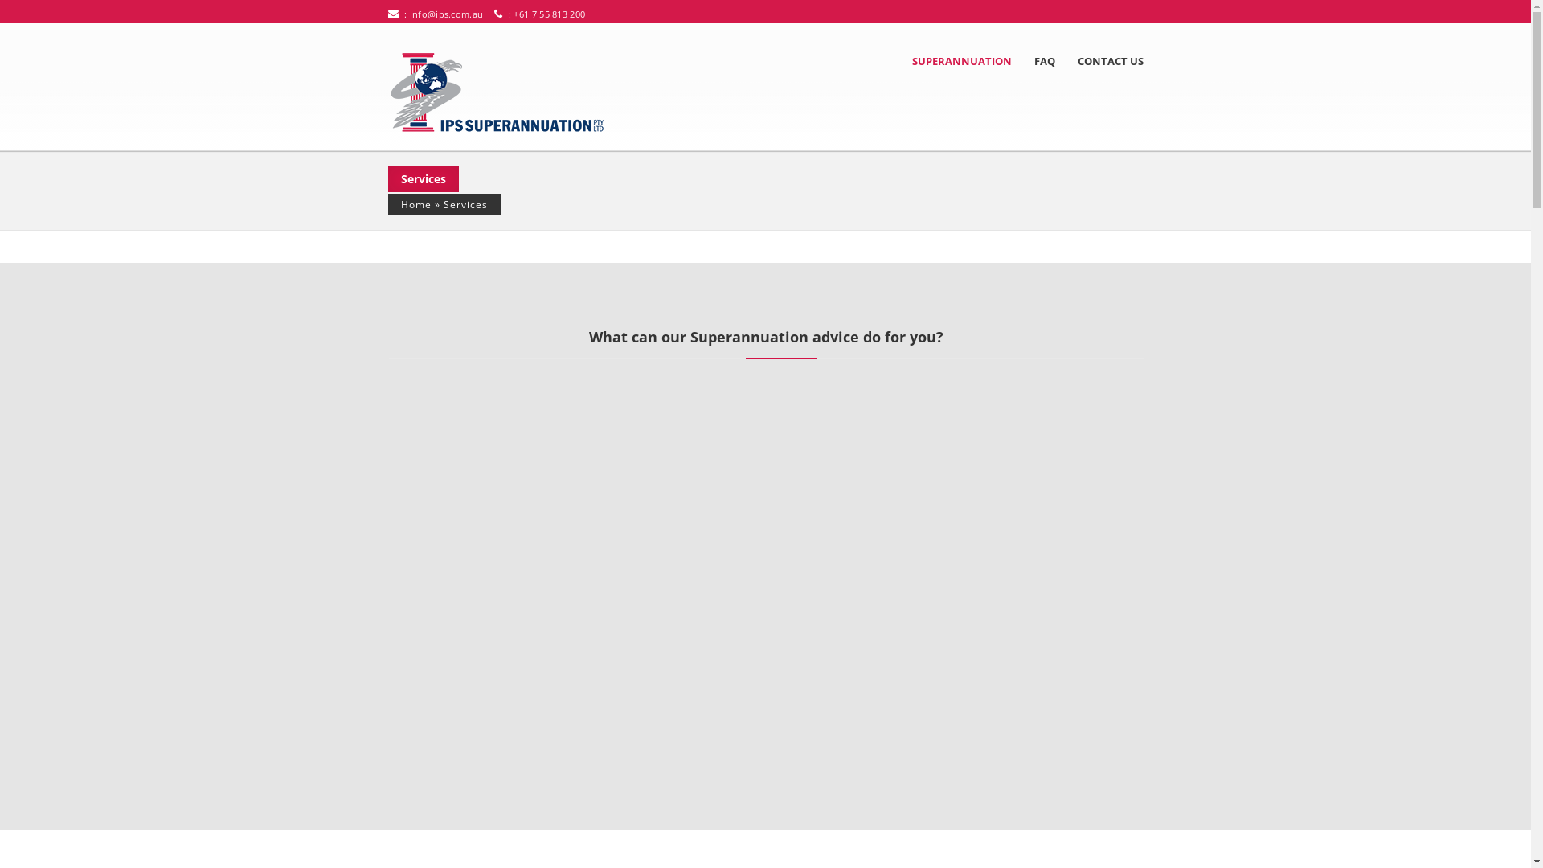 This screenshot has height=868, width=1543. What do you see at coordinates (517, 92) in the screenshot?
I see `'IPS Super'` at bounding box center [517, 92].